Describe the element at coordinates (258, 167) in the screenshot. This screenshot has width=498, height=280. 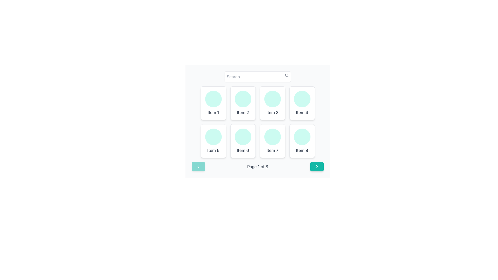
I see `the Text Label that displays the current page and total page count, located below the item grid and centered between the previous and next buttons` at that location.